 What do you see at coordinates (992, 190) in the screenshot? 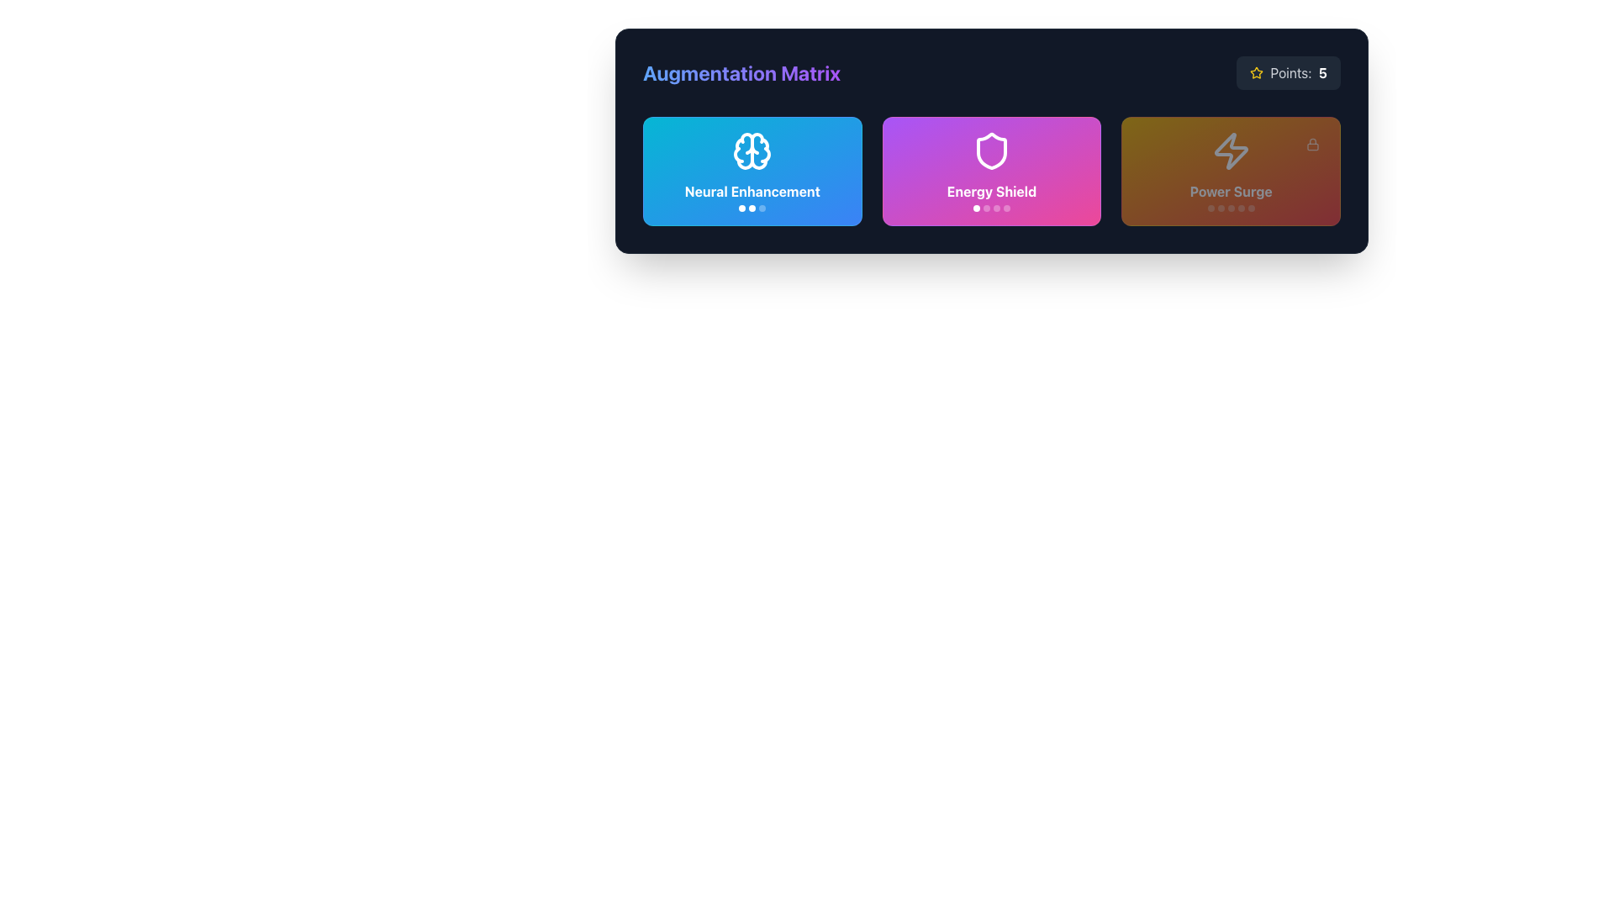
I see `the text label displaying 'Energy Shield', which is styled in bold white font against a vibrant purple background, located within the rectangular card under the shield-shaped icon` at bounding box center [992, 190].